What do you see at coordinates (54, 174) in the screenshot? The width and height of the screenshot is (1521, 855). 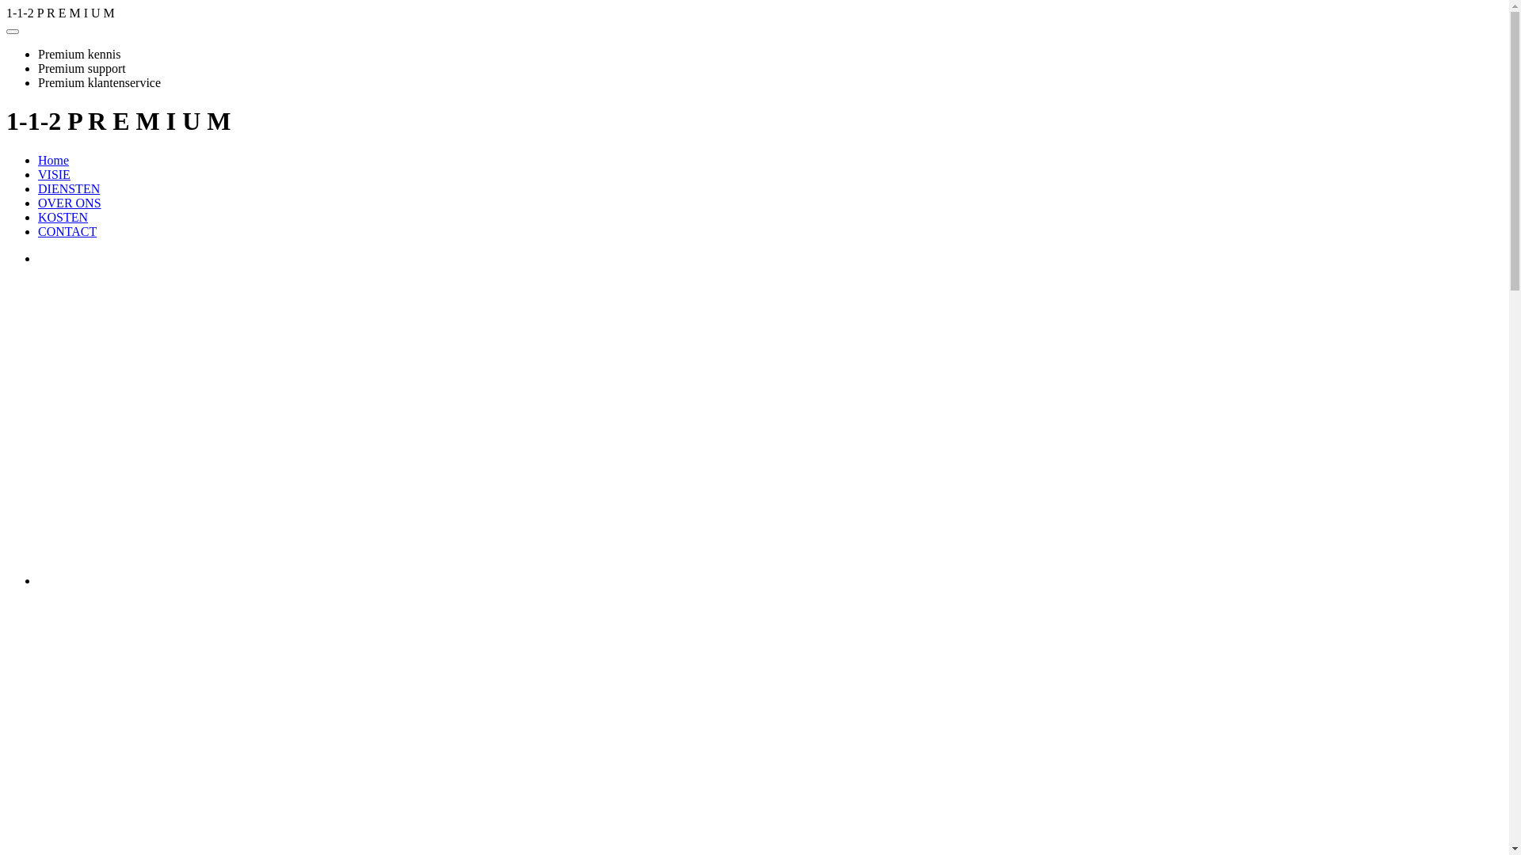 I see `'VISIE'` at bounding box center [54, 174].